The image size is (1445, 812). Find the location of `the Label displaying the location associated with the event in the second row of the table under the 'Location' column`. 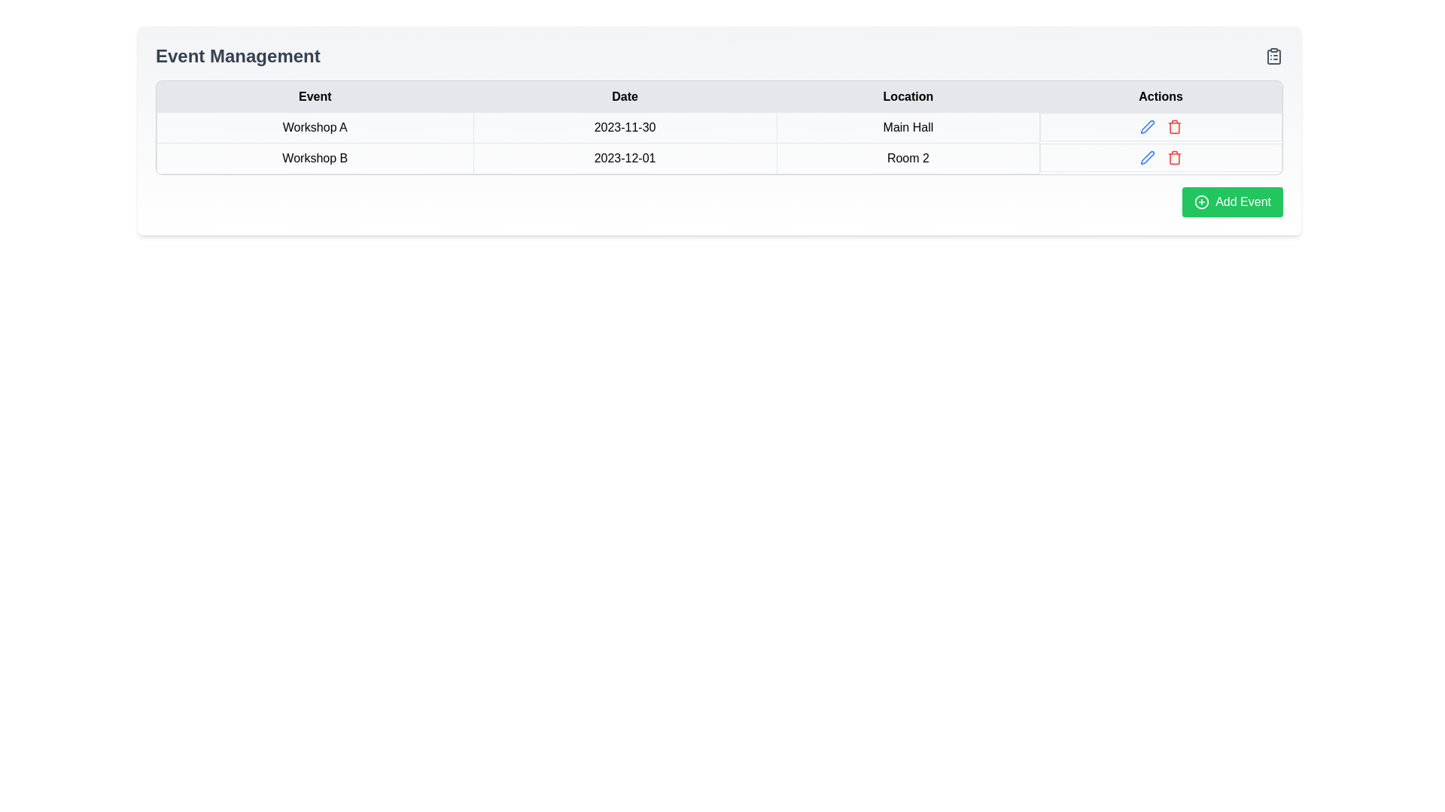

the Label displaying the location associated with the event in the second row of the table under the 'Location' column is located at coordinates (907, 159).